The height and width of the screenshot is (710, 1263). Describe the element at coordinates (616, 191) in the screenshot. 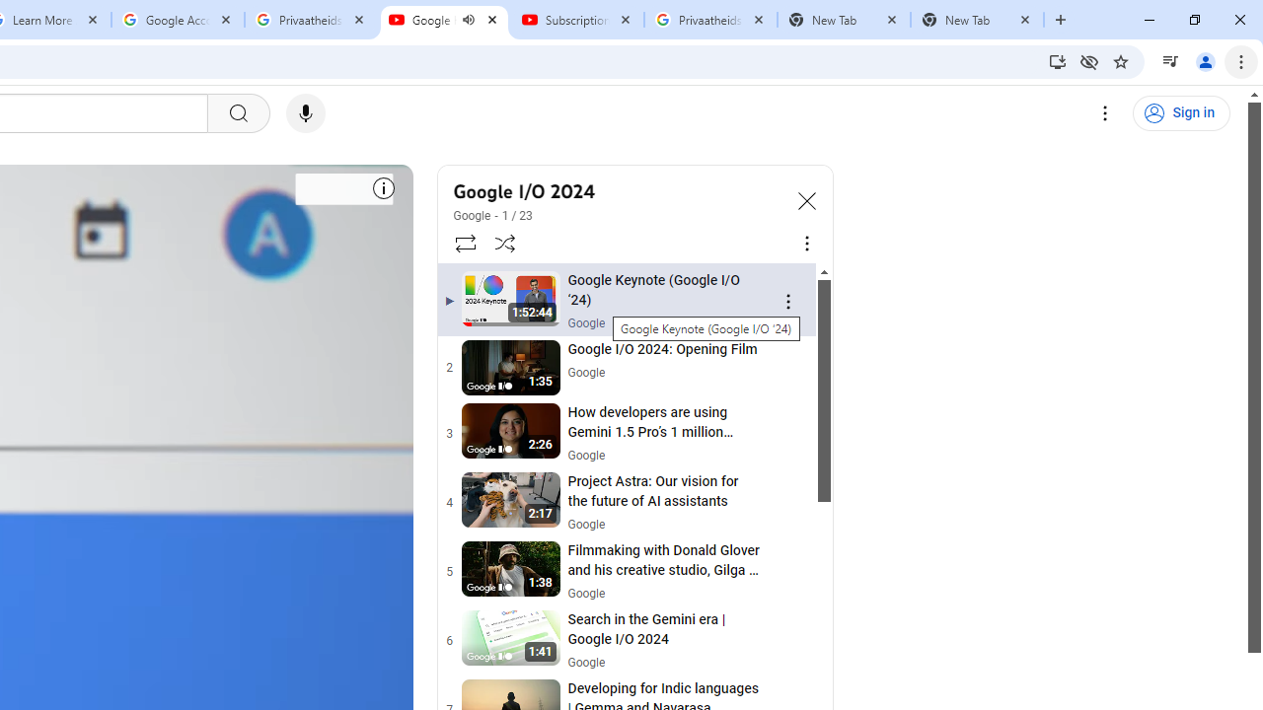

I see `'Google I/O 2024'` at that location.